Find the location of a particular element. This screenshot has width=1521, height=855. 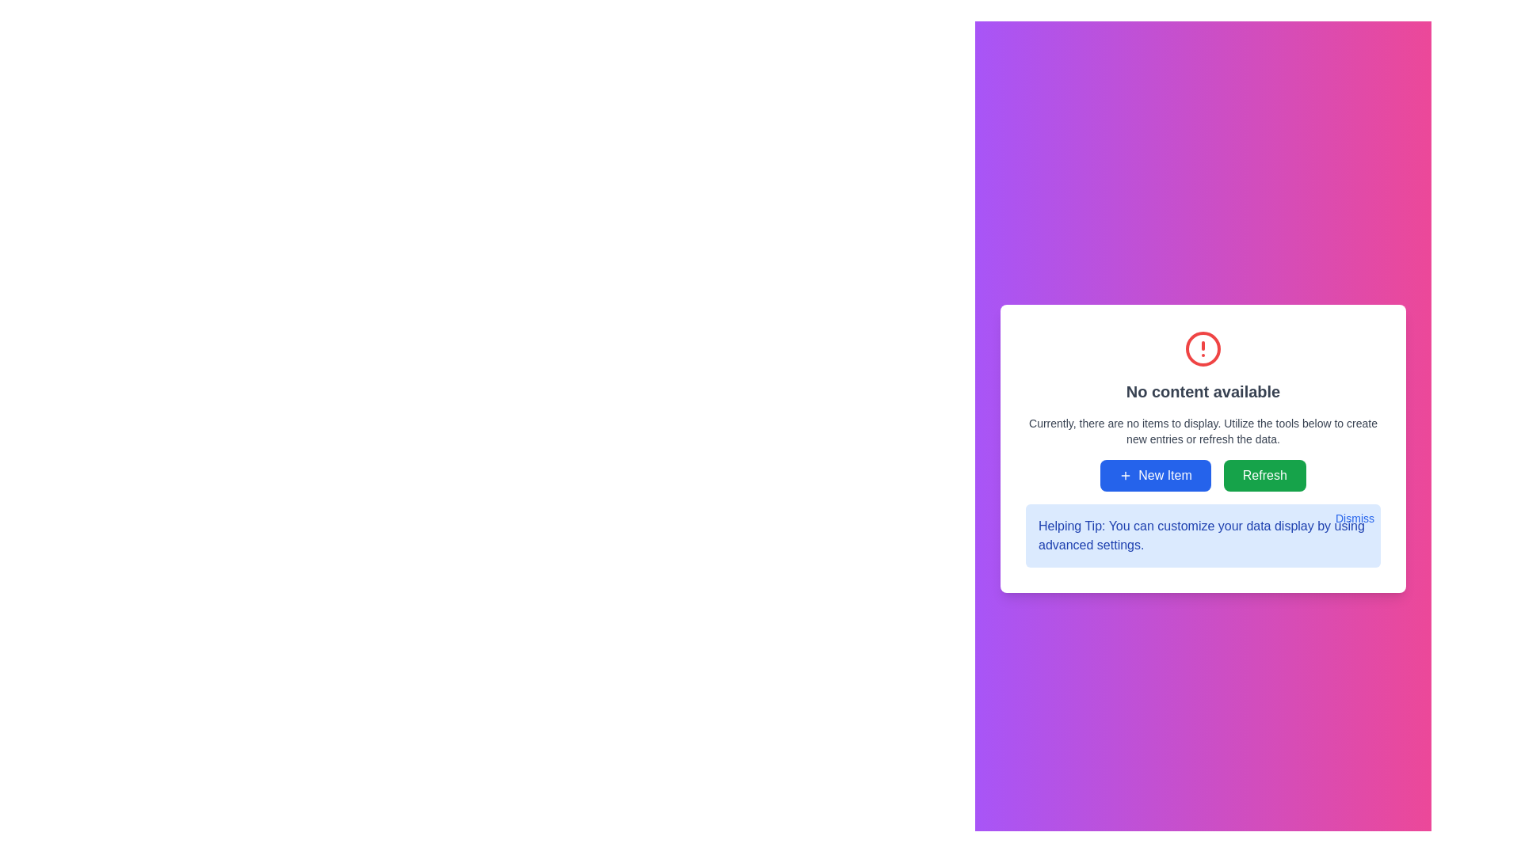

the first button in the horizontal panel to trigger hover effects is located at coordinates (1156, 475).